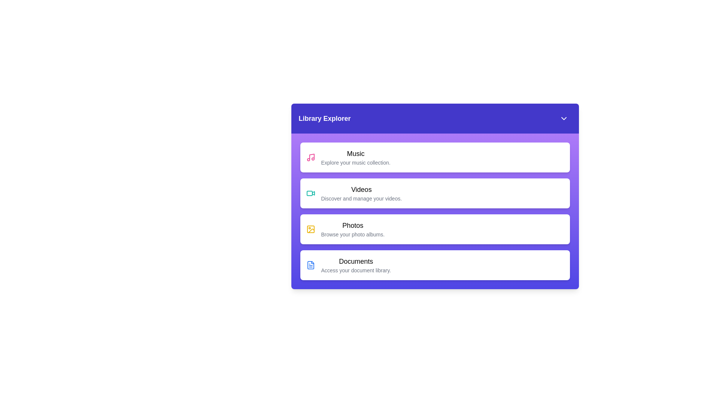  What do you see at coordinates (310, 157) in the screenshot?
I see `the icon representing the Music category` at bounding box center [310, 157].